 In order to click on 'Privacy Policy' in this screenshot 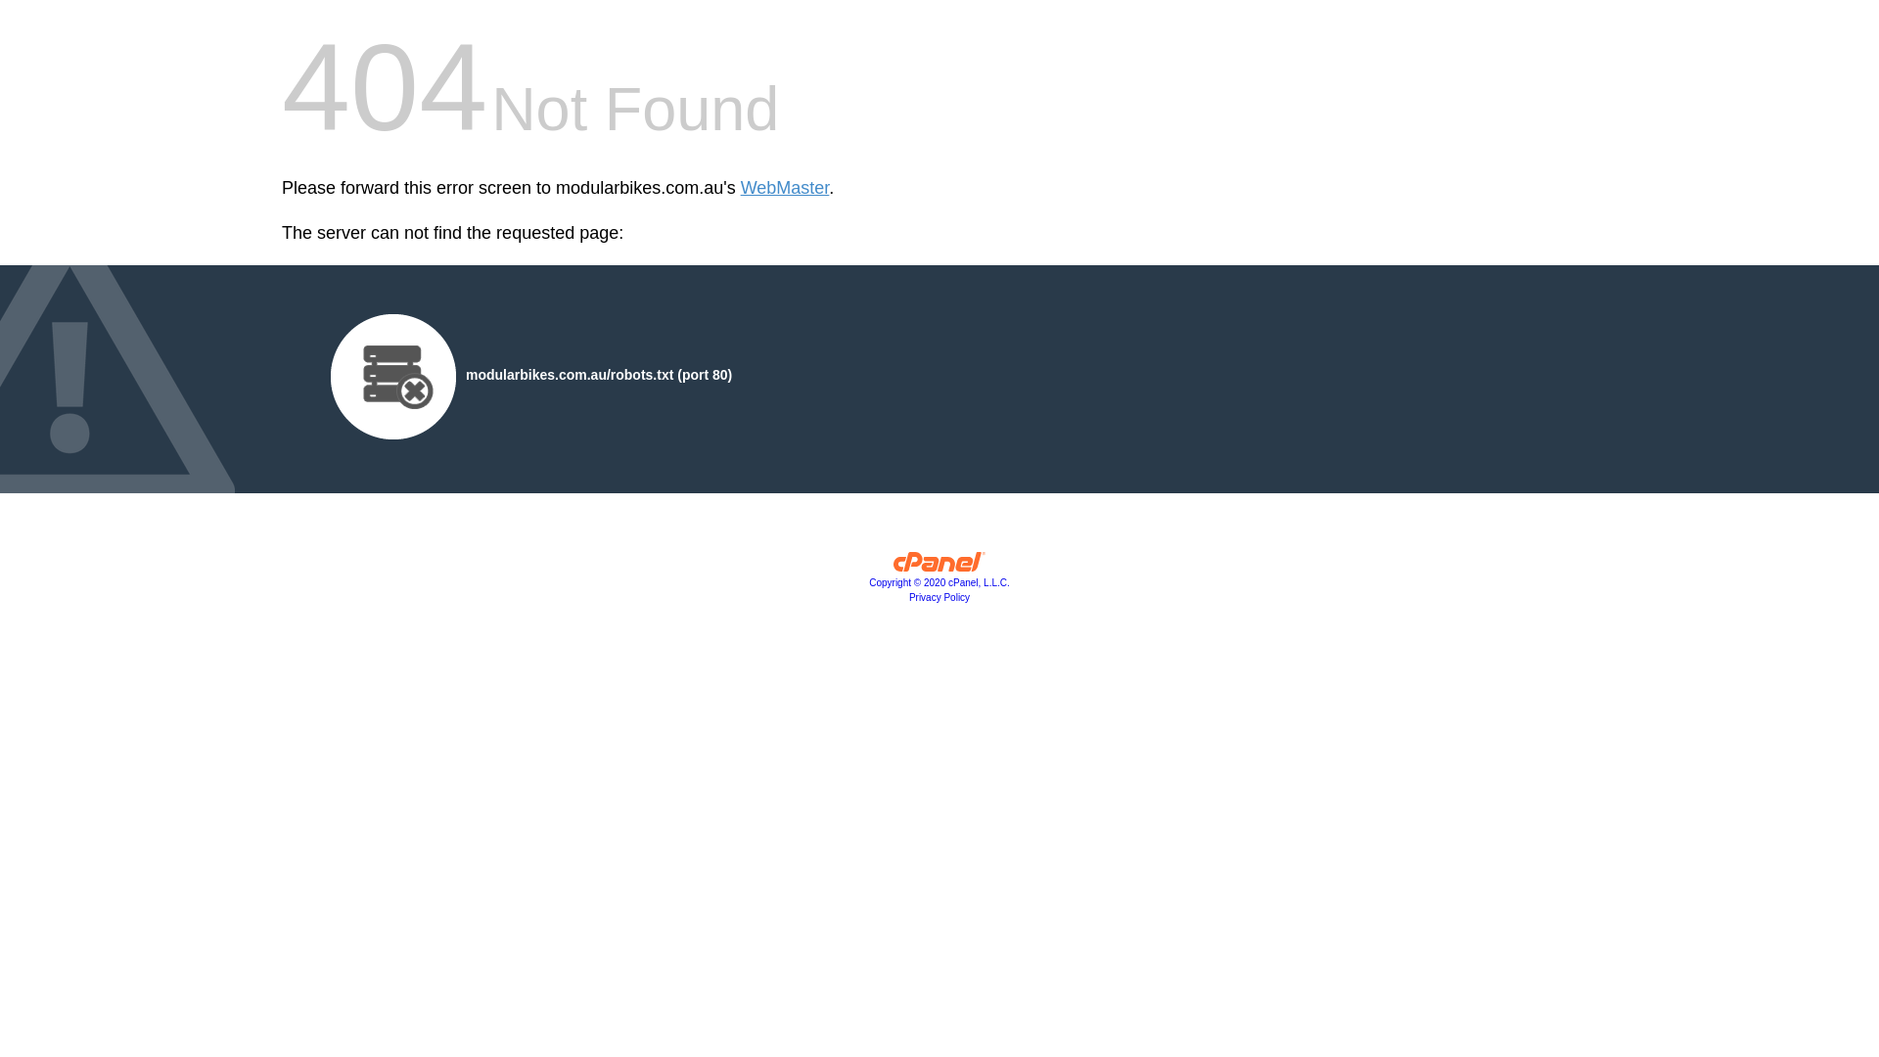, I will do `click(939, 596)`.